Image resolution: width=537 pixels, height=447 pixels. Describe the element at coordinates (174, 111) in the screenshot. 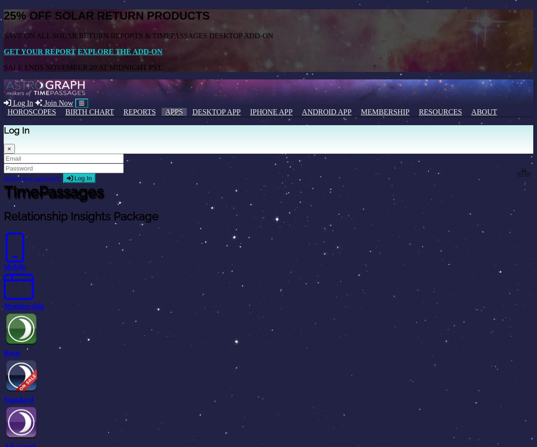

I see `'Apps'` at that location.